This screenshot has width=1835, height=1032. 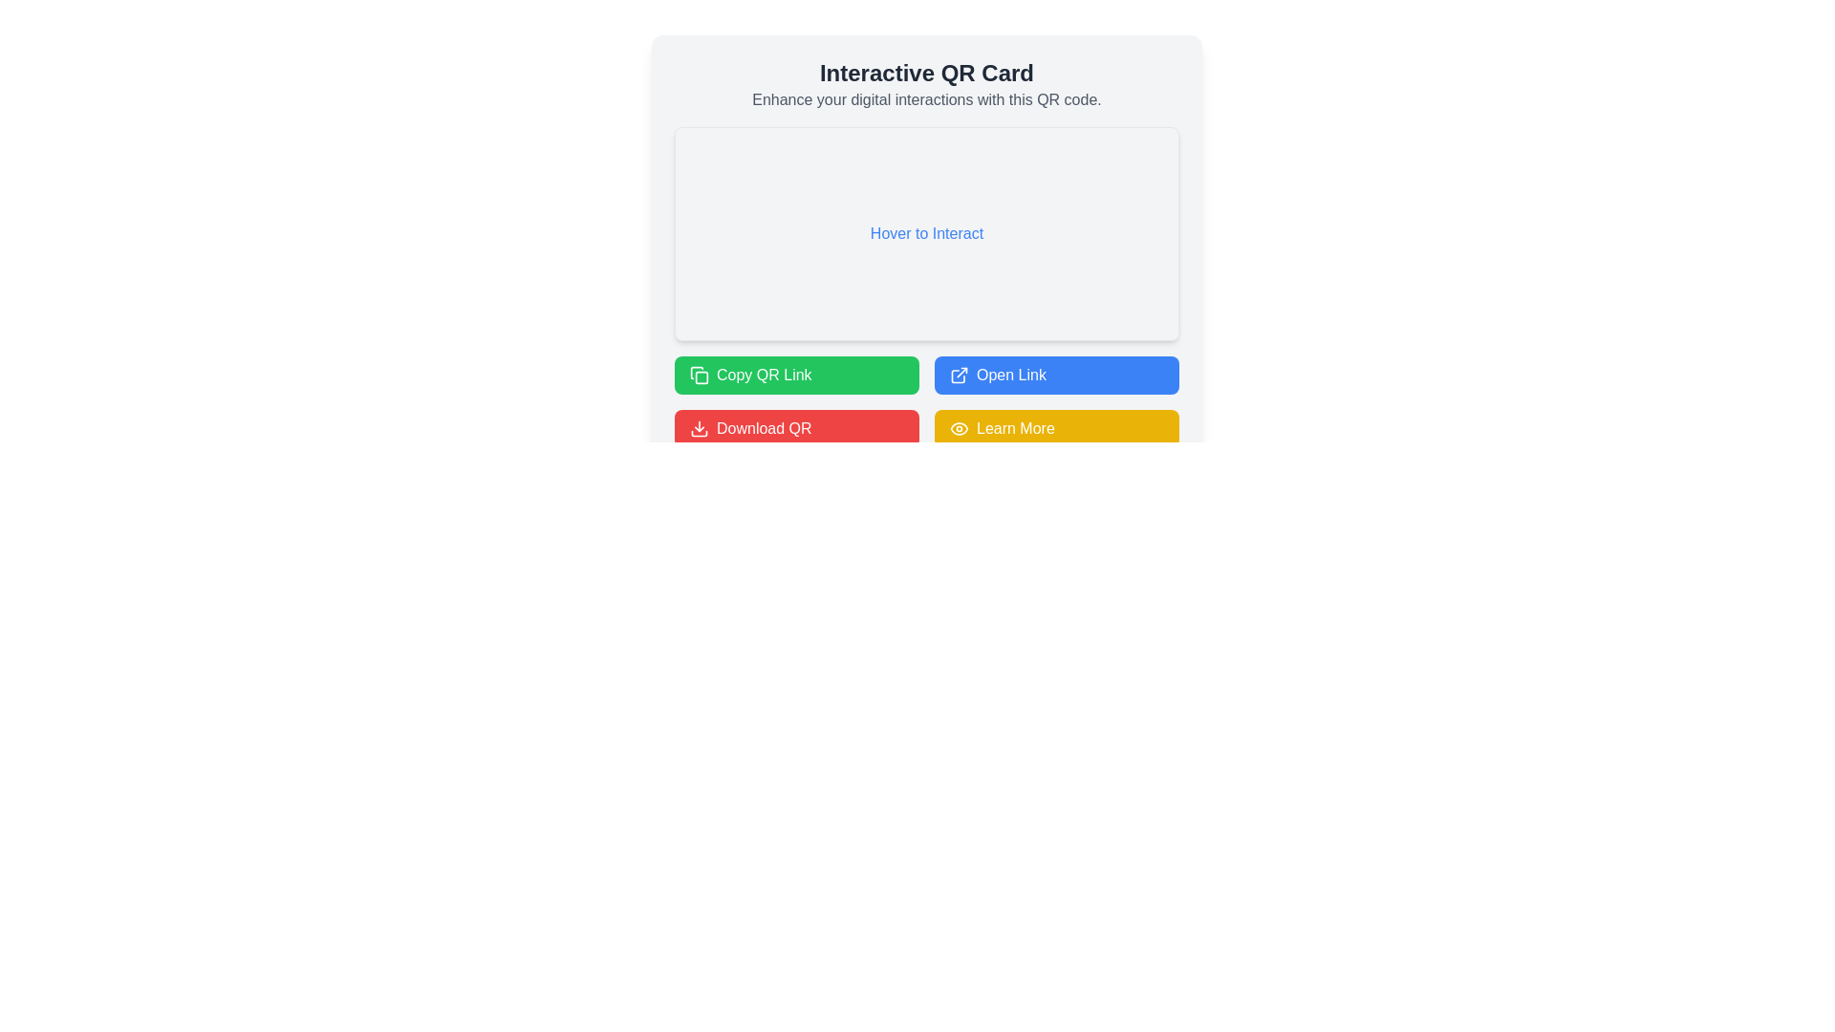 What do you see at coordinates (926, 400) in the screenshot?
I see `the grid layout containing buttons for interacting with the QR code, located at the bottom of the interactive card component` at bounding box center [926, 400].